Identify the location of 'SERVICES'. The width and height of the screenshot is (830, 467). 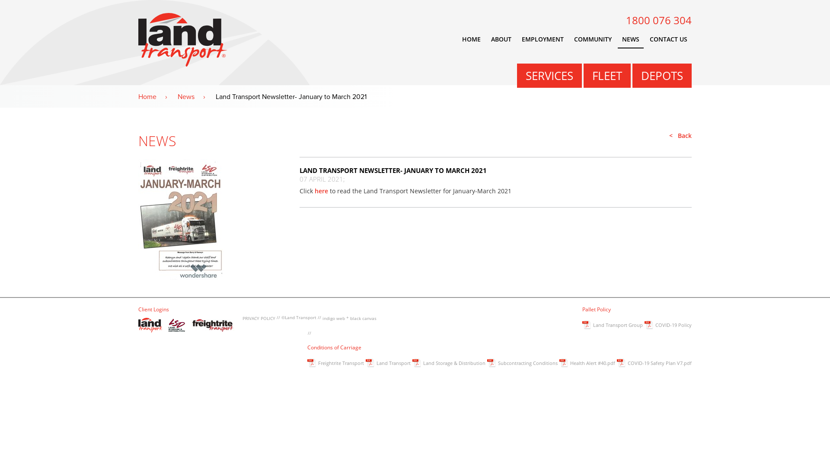
(549, 75).